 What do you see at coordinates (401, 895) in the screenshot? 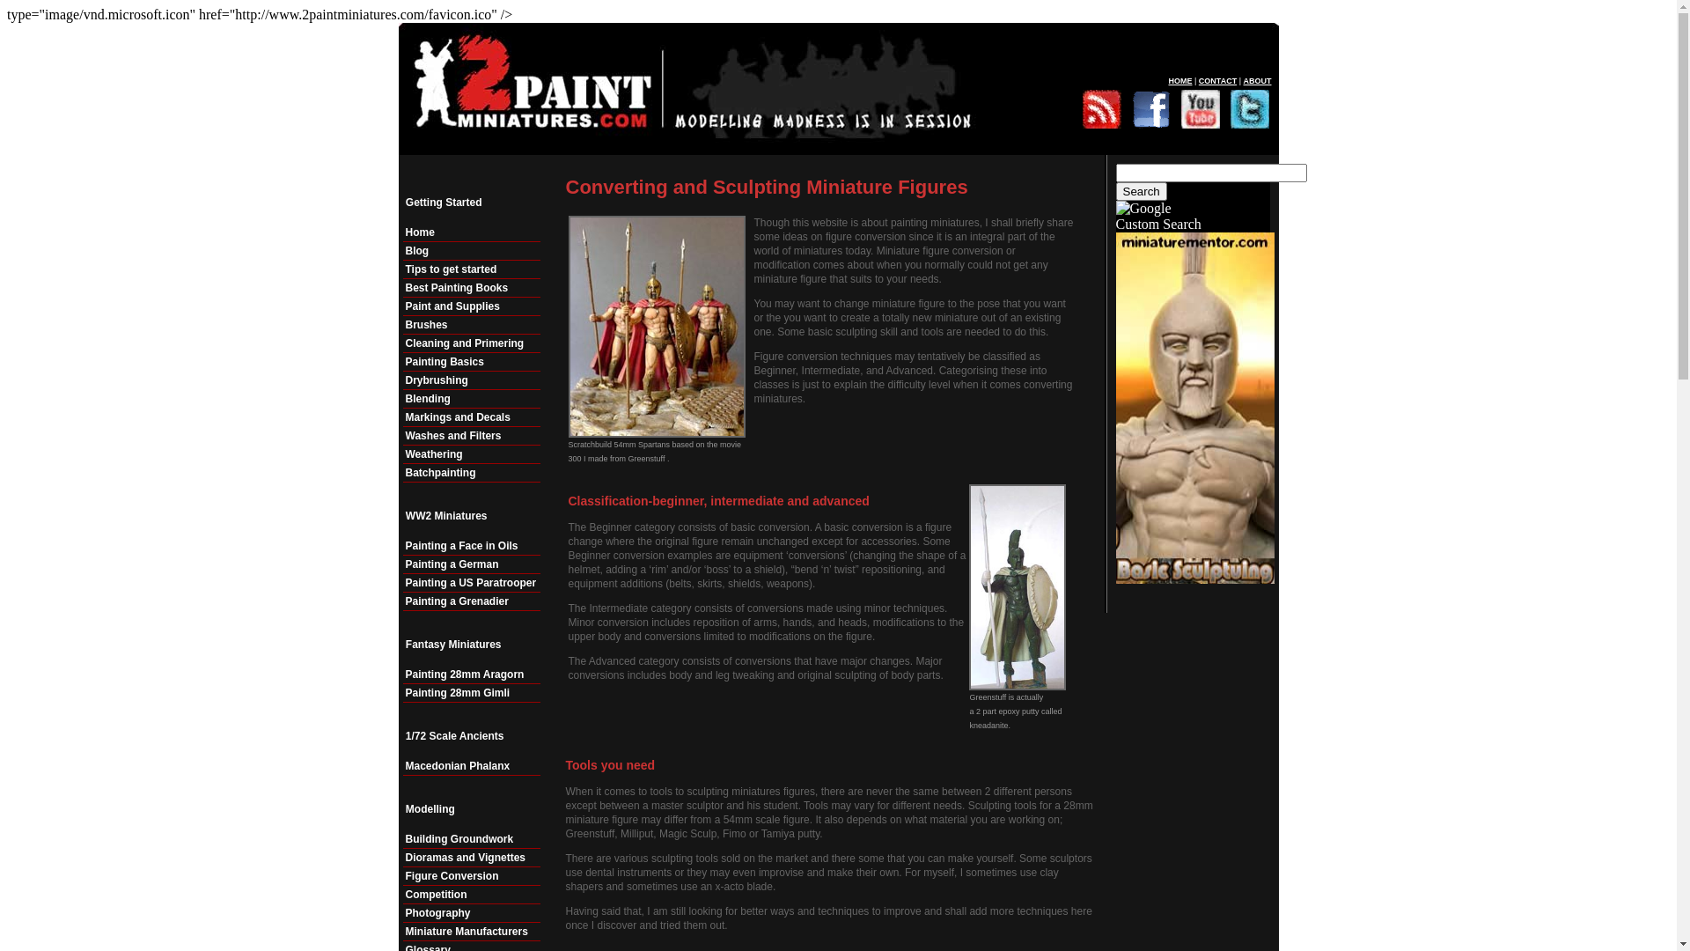
I see `'Competition'` at bounding box center [401, 895].